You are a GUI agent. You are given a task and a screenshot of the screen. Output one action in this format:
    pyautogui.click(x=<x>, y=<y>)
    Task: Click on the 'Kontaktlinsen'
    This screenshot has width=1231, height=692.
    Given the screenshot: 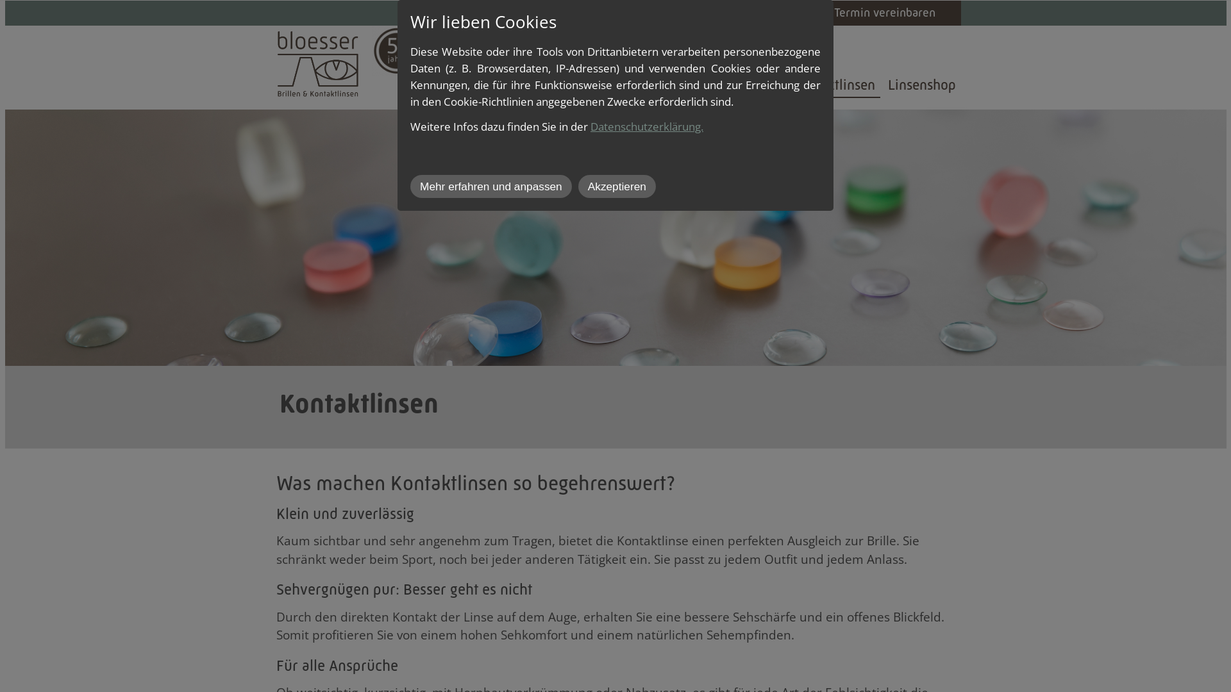 What is the action you would take?
    pyautogui.click(x=833, y=85)
    